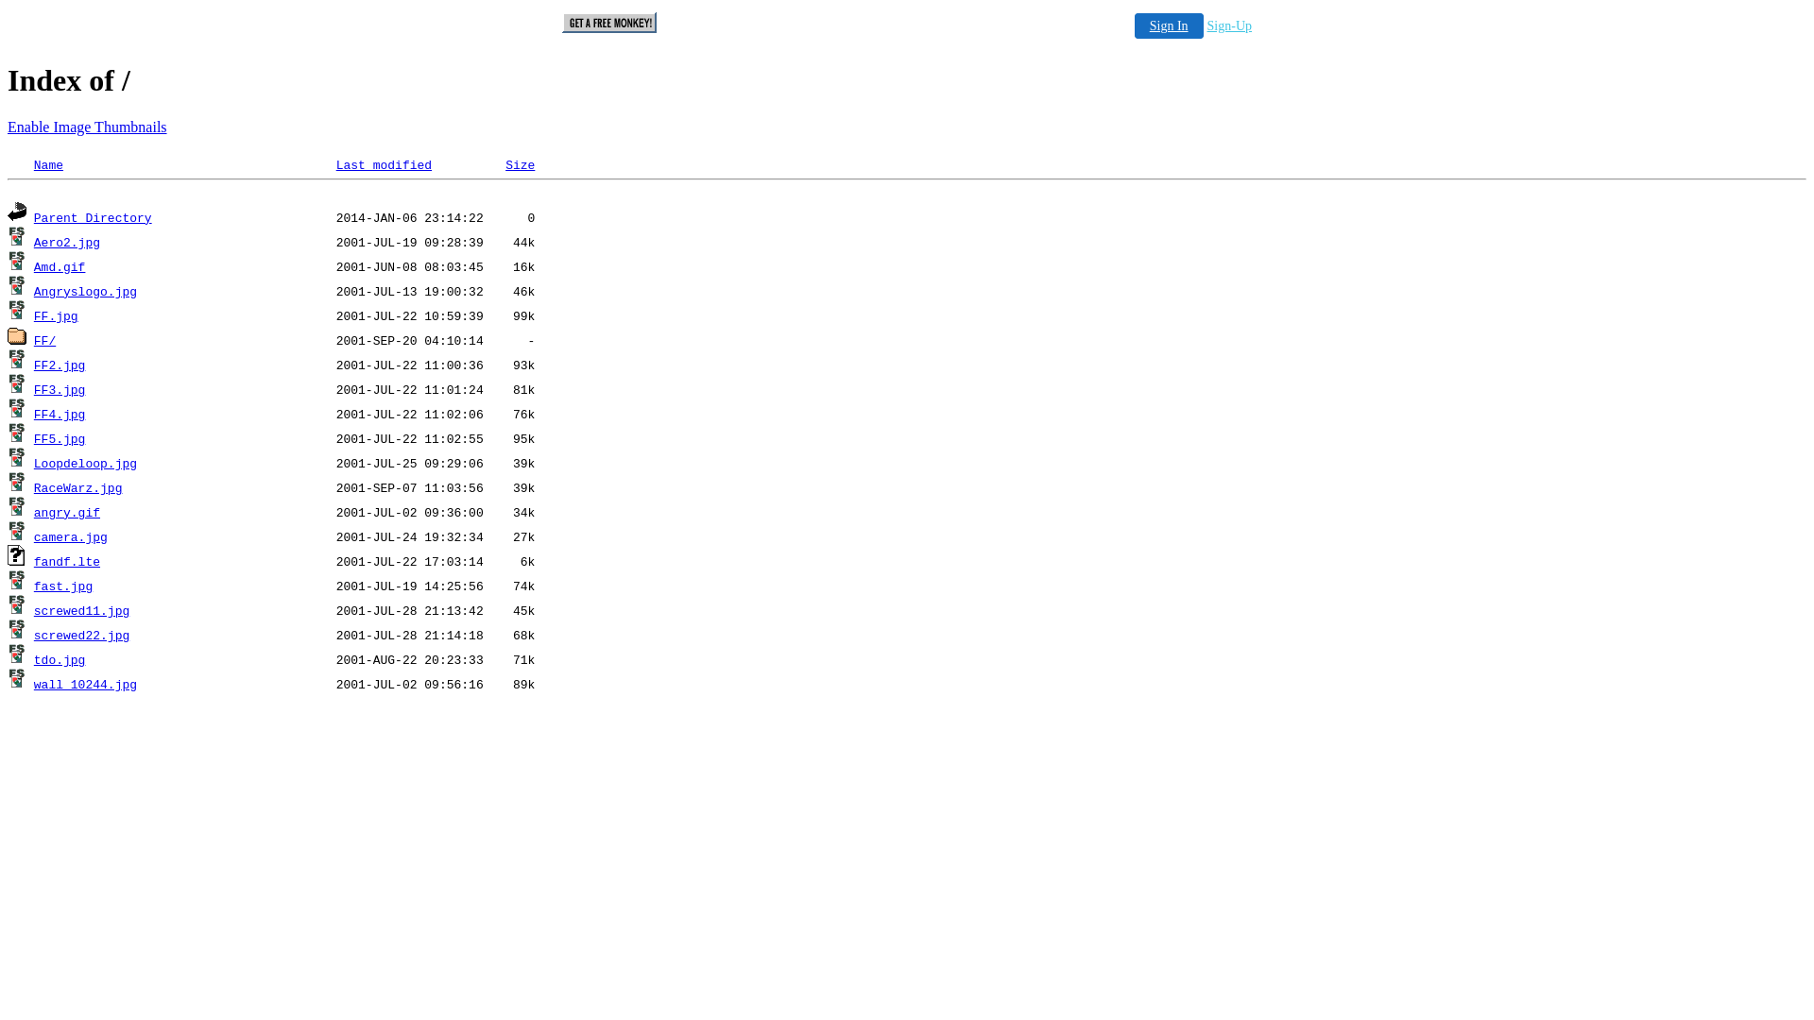 Image resolution: width=1814 pixels, height=1020 pixels. I want to click on 'fast.jpg', so click(63, 586).